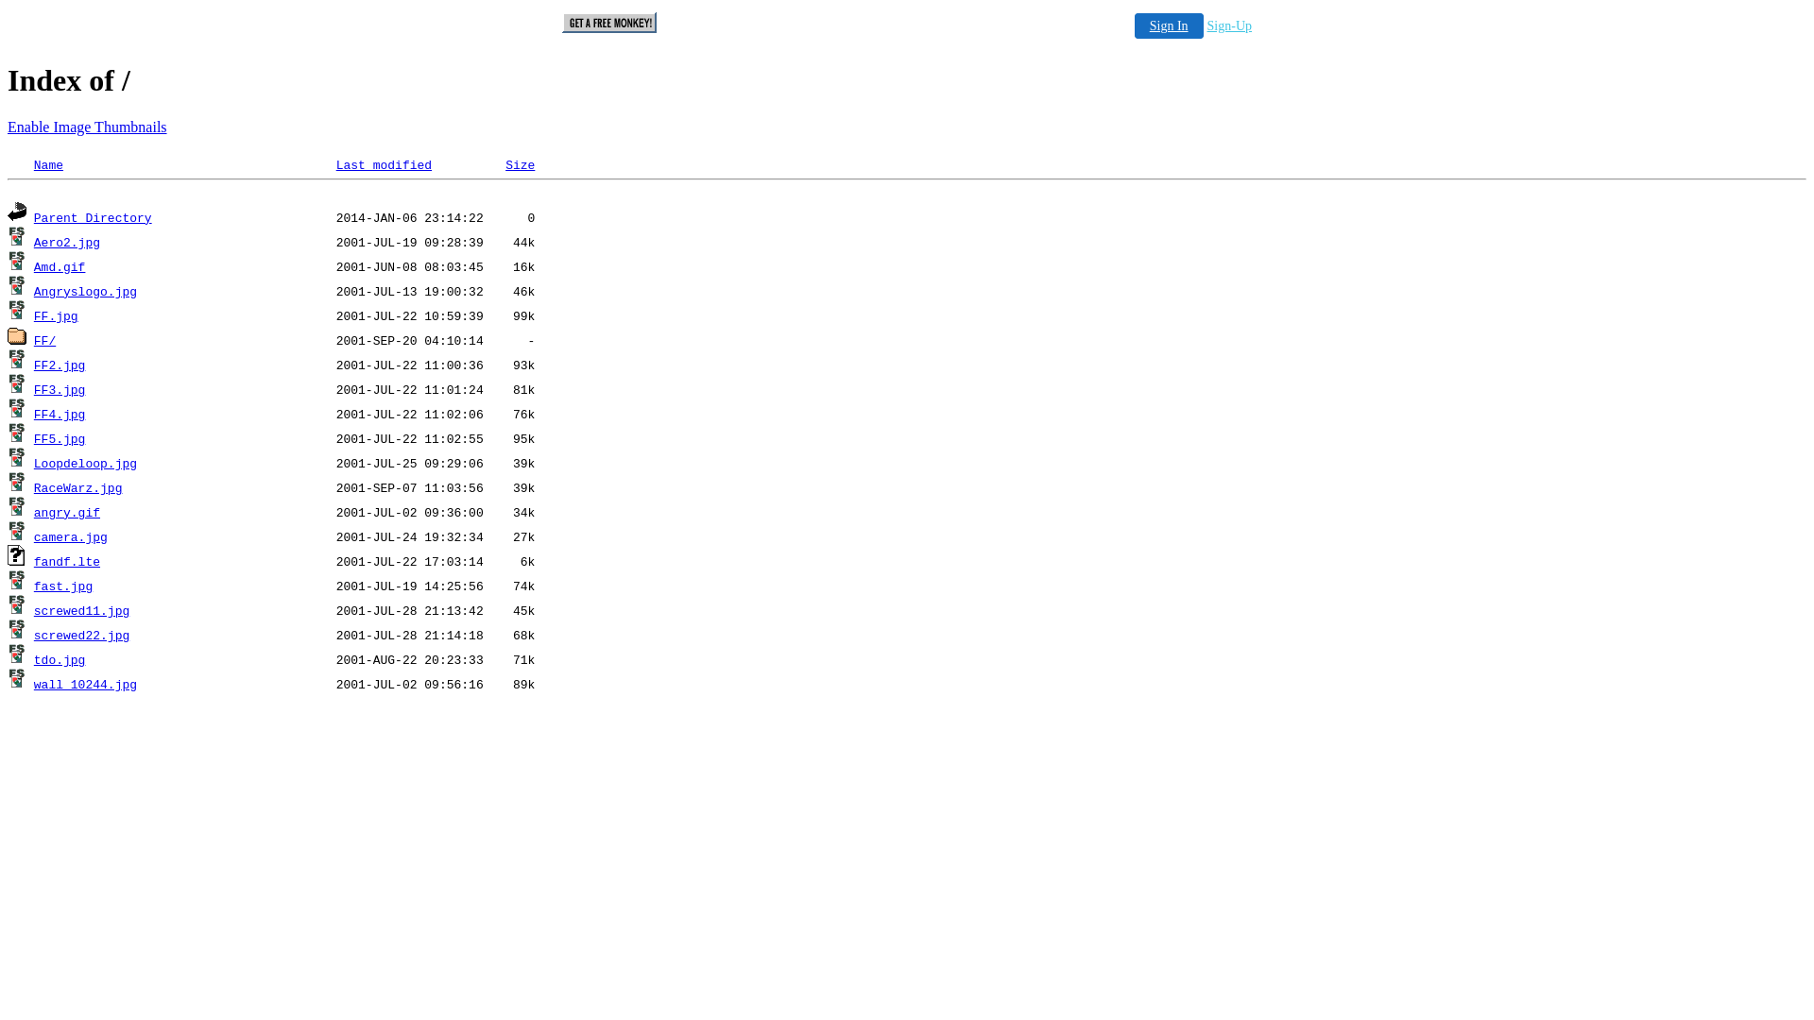 Image resolution: width=1814 pixels, height=1020 pixels. I want to click on 'fast.jpg', so click(63, 586).